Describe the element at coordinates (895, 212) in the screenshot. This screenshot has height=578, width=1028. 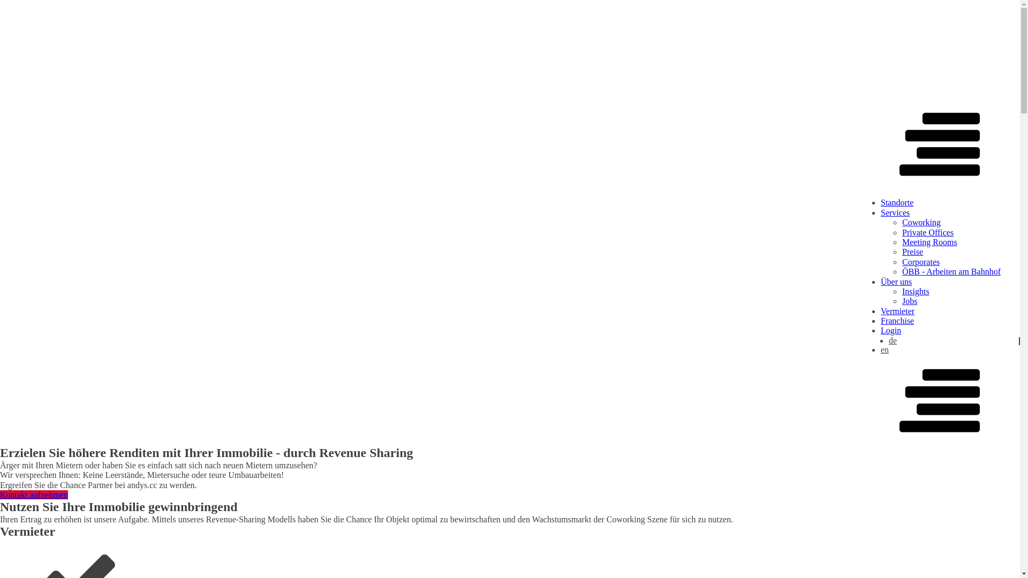
I see `'Services'` at that location.